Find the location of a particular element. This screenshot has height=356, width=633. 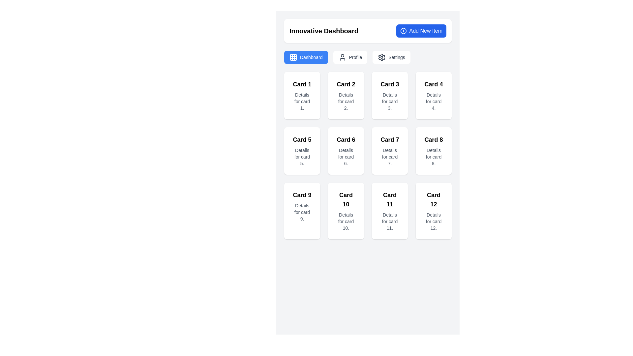

the second interactive card in the first row of the grid layout is located at coordinates (346, 95).